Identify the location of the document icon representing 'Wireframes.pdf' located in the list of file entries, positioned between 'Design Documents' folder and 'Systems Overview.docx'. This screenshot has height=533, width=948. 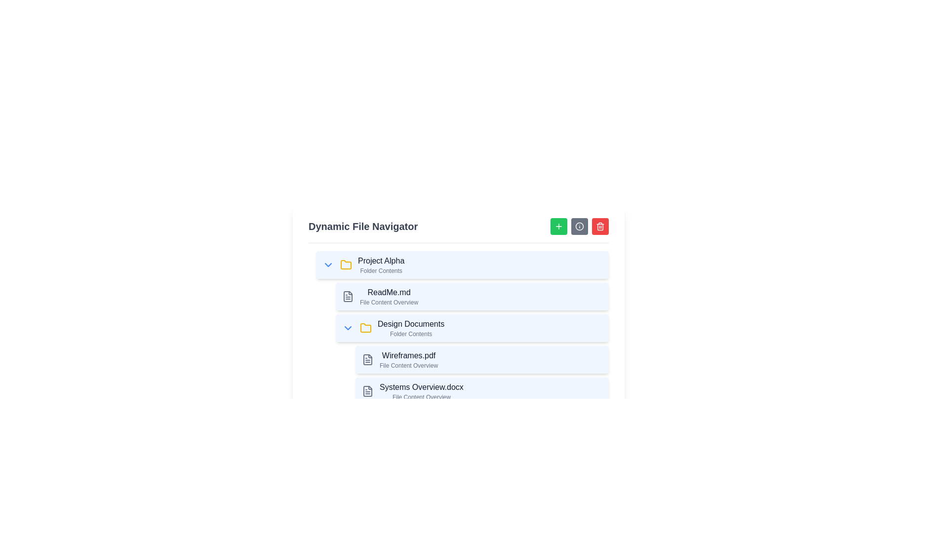
(367, 360).